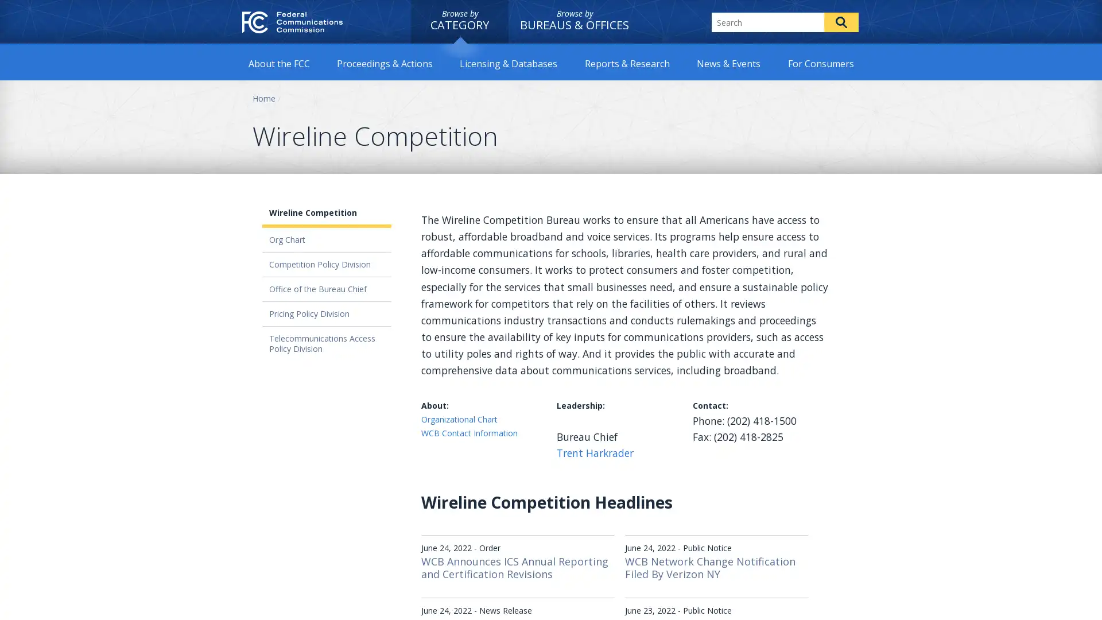 Image resolution: width=1102 pixels, height=620 pixels. Describe the element at coordinates (841, 22) in the screenshot. I see `Search` at that location.